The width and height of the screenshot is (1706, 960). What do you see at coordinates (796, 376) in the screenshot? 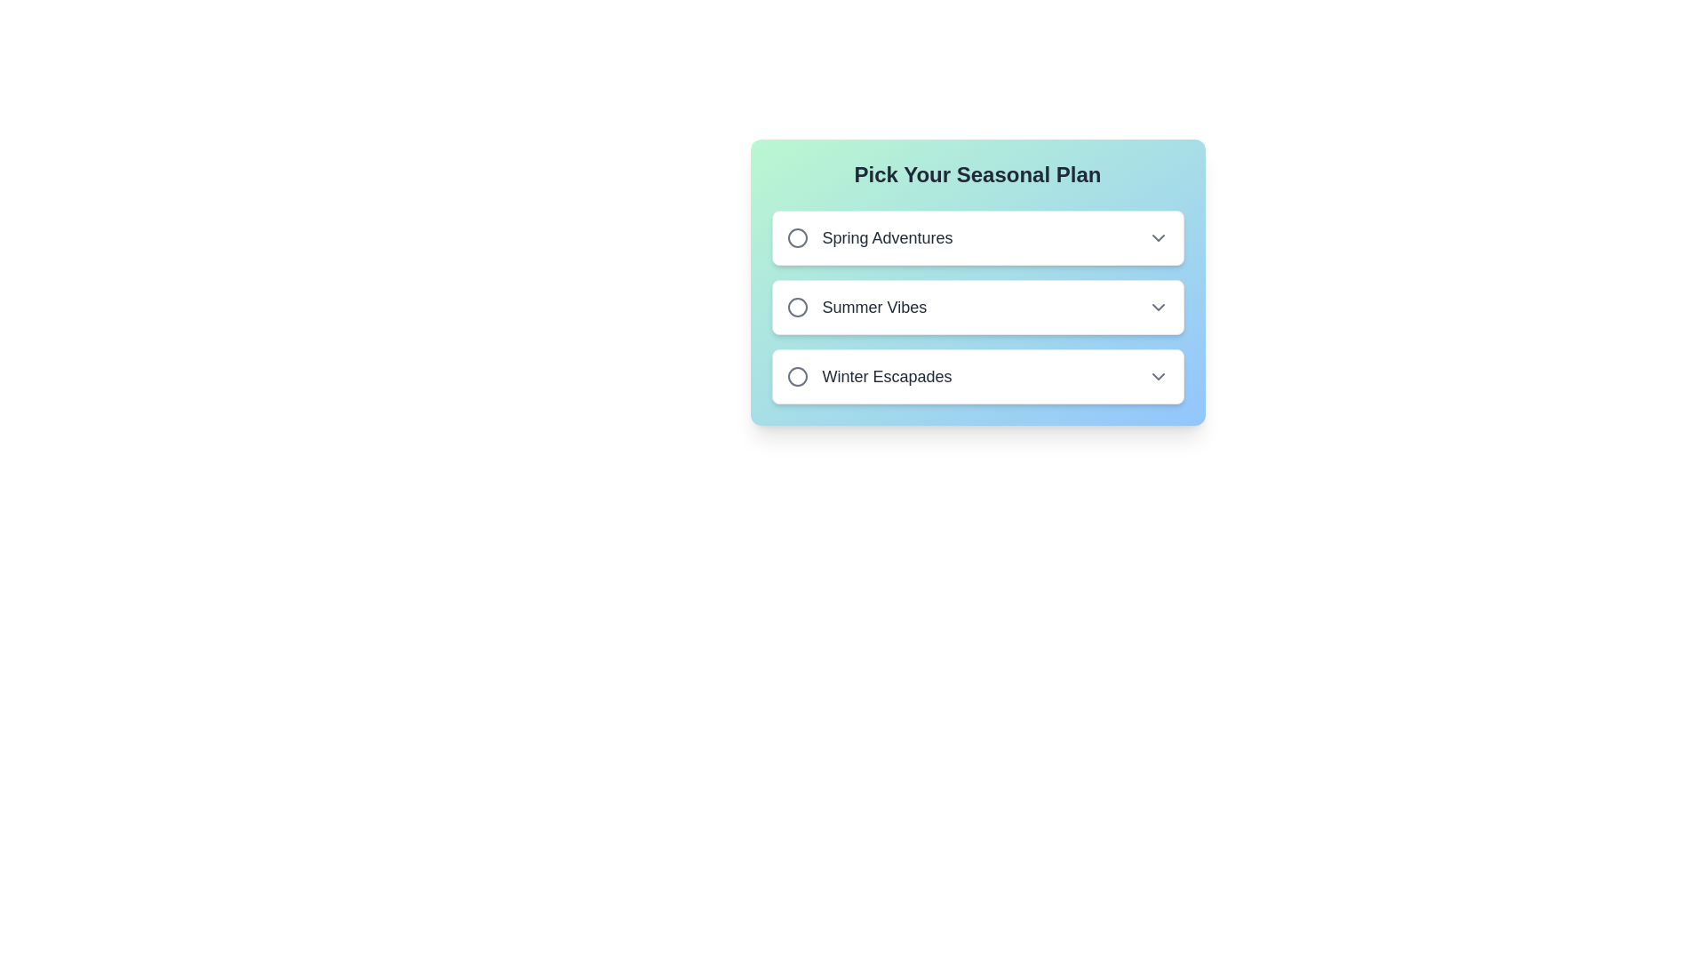
I see `the circular radio button indicator located next to the label 'Winter Escapades', which is the third option in the vertical list` at bounding box center [796, 376].